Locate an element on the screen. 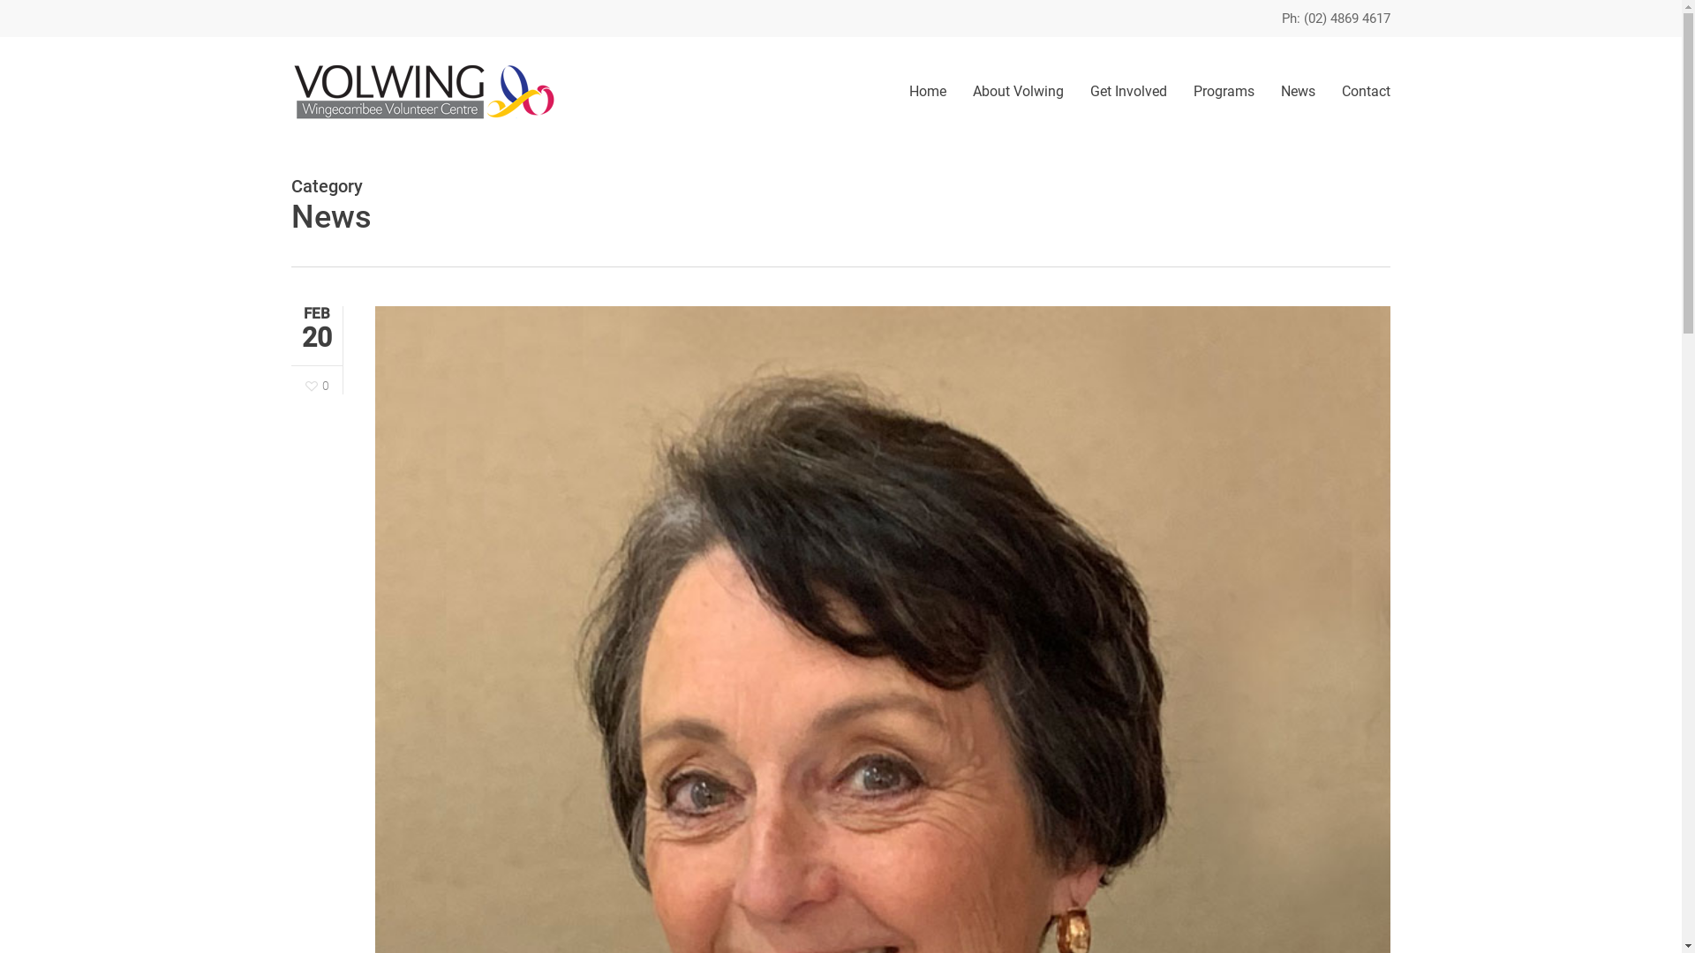 This screenshot has width=1695, height=953. 'Get Involved' is located at coordinates (1127, 91).